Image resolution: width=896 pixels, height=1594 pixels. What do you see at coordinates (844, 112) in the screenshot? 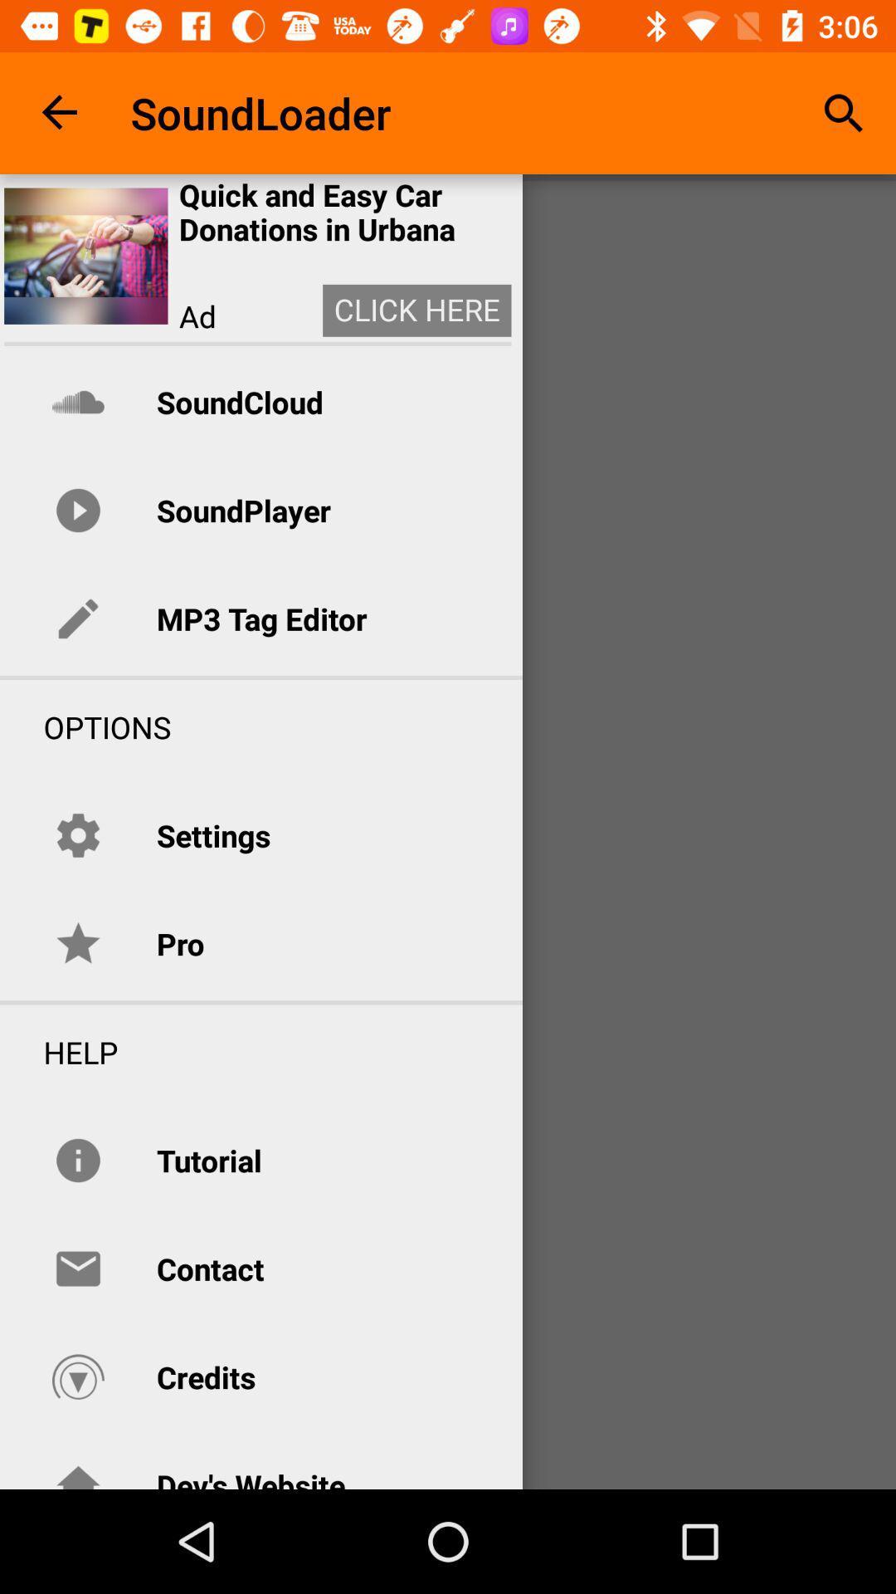
I see `item at the top right corner` at bounding box center [844, 112].